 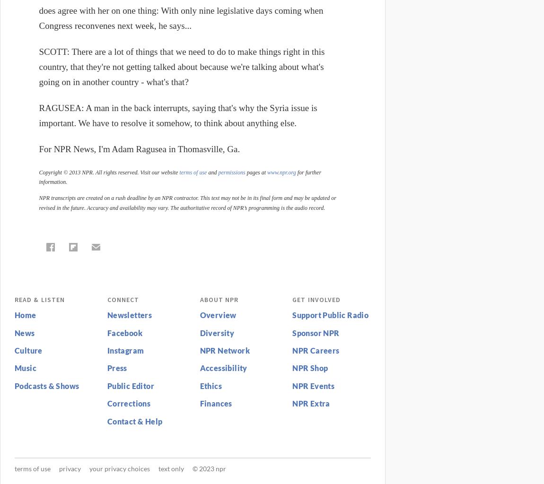 What do you see at coordinates (231, 172) in the screenshot?
I see `'permissions'` at bounding box center [231, 172].